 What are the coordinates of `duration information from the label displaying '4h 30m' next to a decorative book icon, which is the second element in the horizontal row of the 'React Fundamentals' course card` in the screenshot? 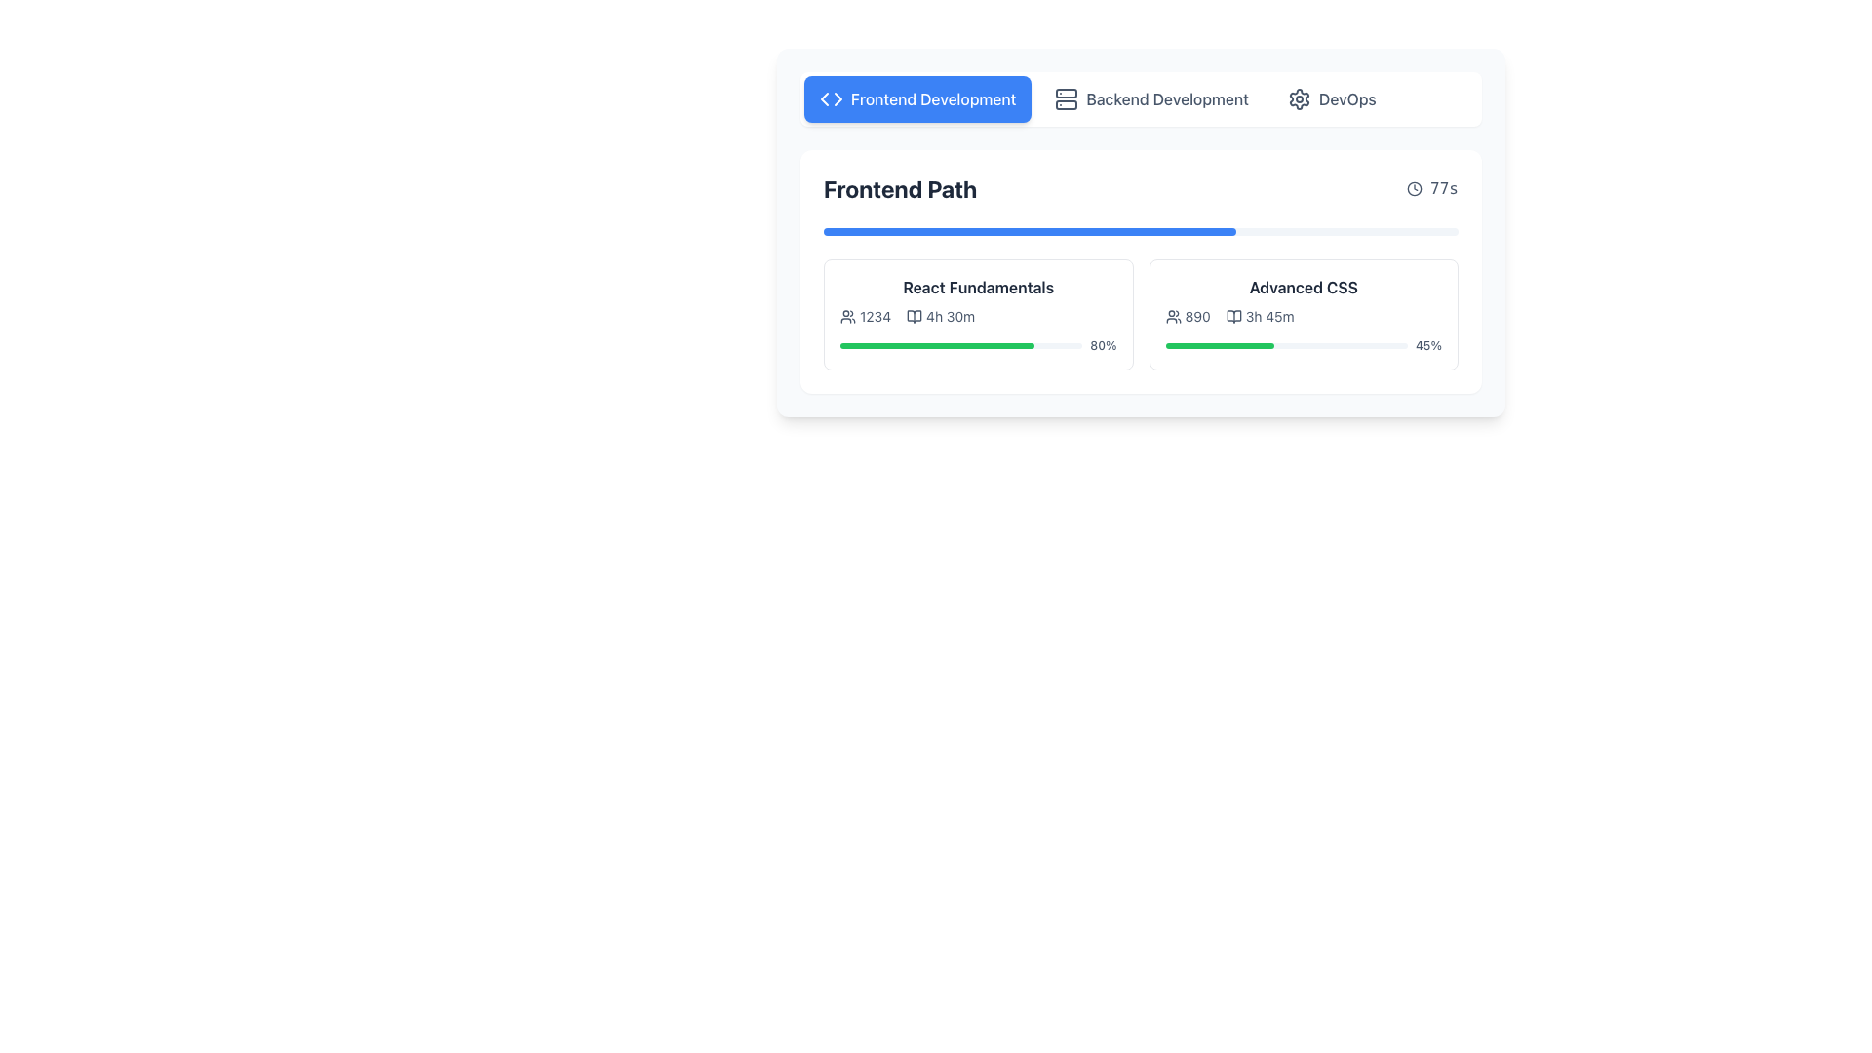 It's located at (941, 315).